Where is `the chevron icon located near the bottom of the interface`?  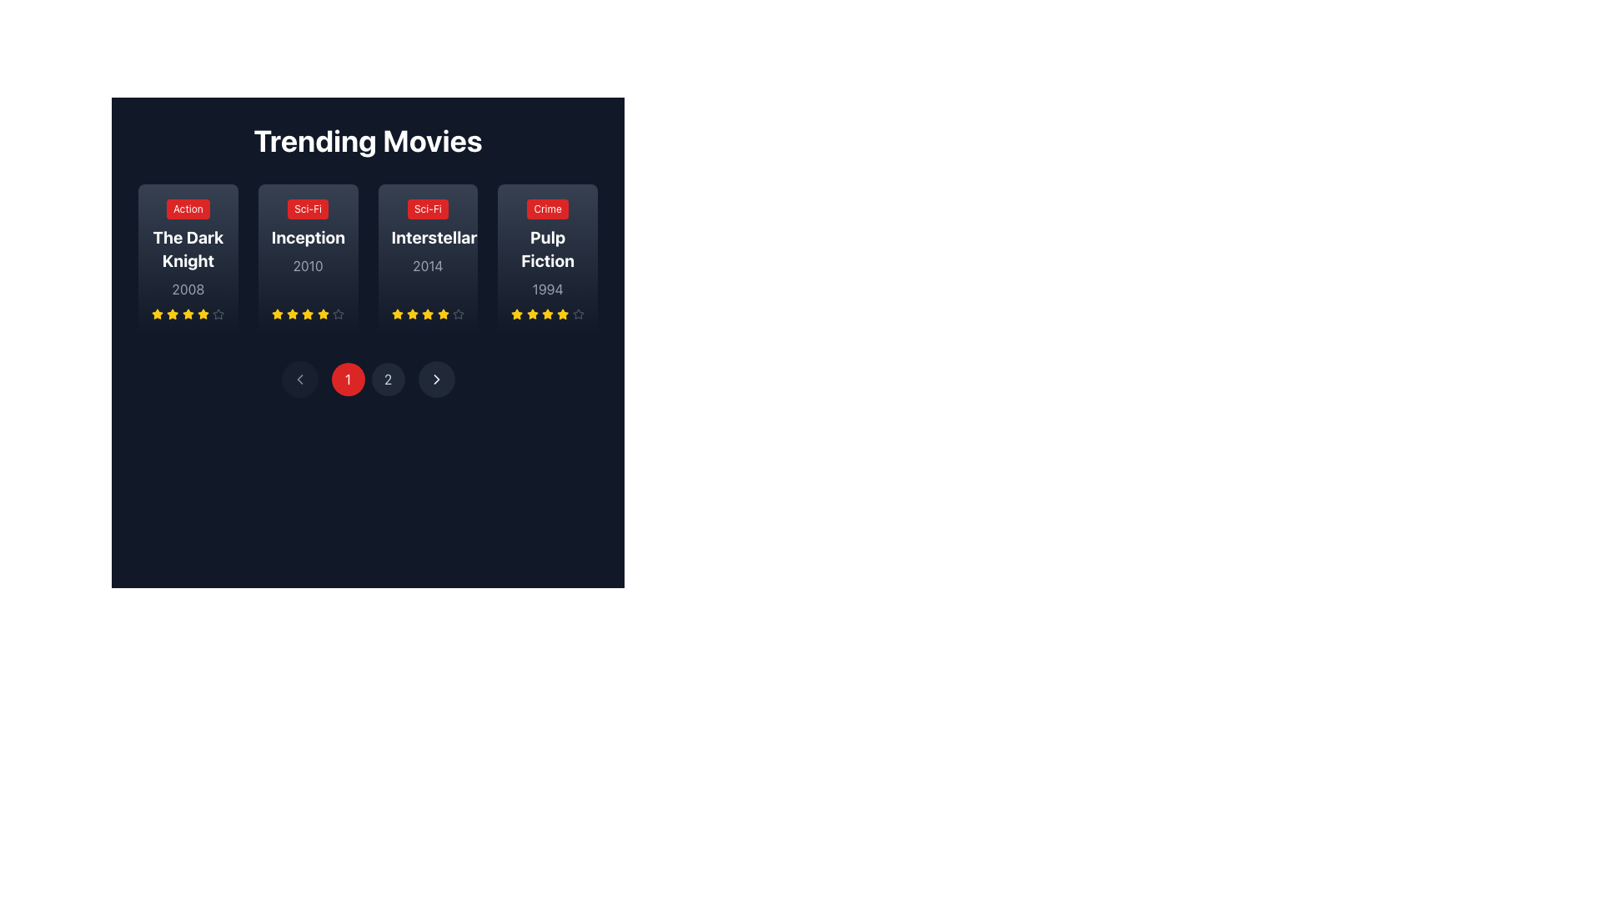
the chevron icon located near the bottom of the interface is located at coordinates (436, 379).